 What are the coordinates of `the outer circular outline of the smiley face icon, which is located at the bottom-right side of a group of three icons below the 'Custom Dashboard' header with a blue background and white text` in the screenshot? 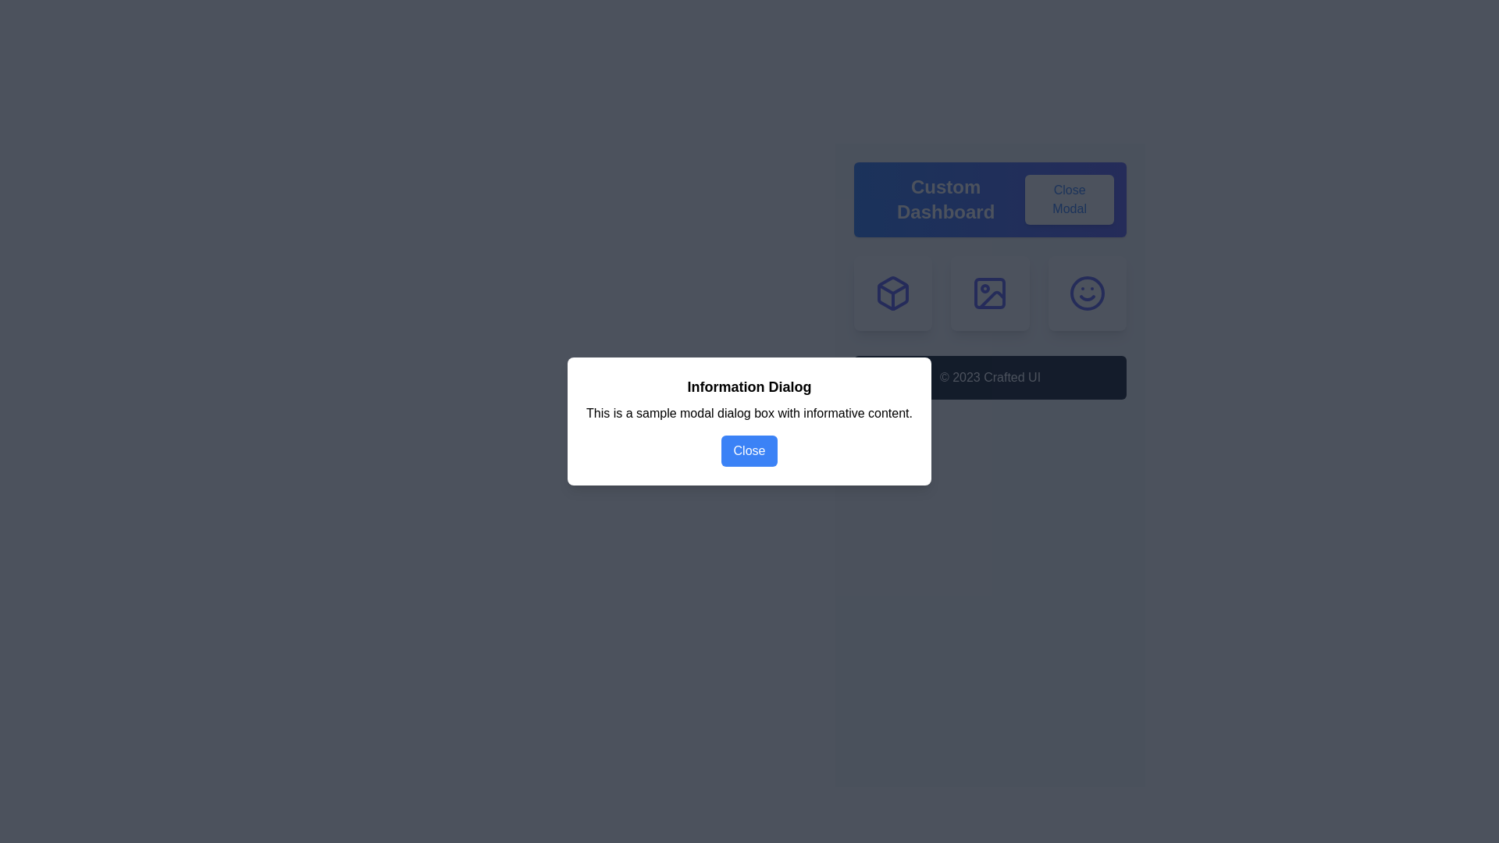 It's located at (1086, 293).